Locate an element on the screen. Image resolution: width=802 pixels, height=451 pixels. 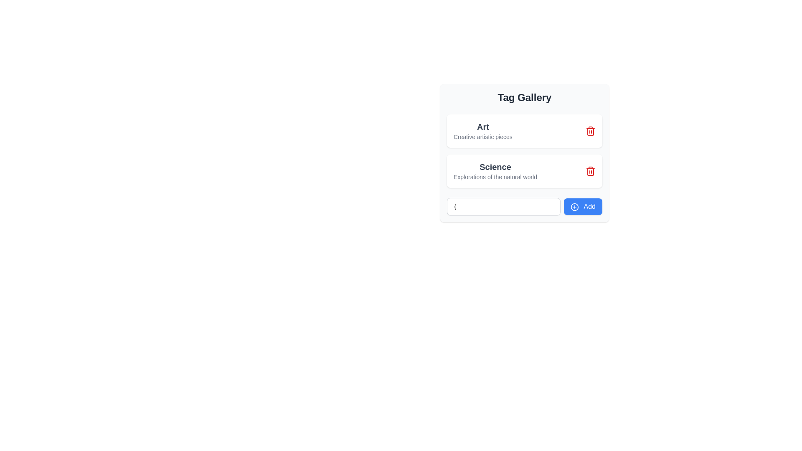
the 'Science' text label, which is styled in bold and larger font, located within a card structure above the smaller descriptive text 'Explorations of the natural world' is located at coordinates (495, 167).